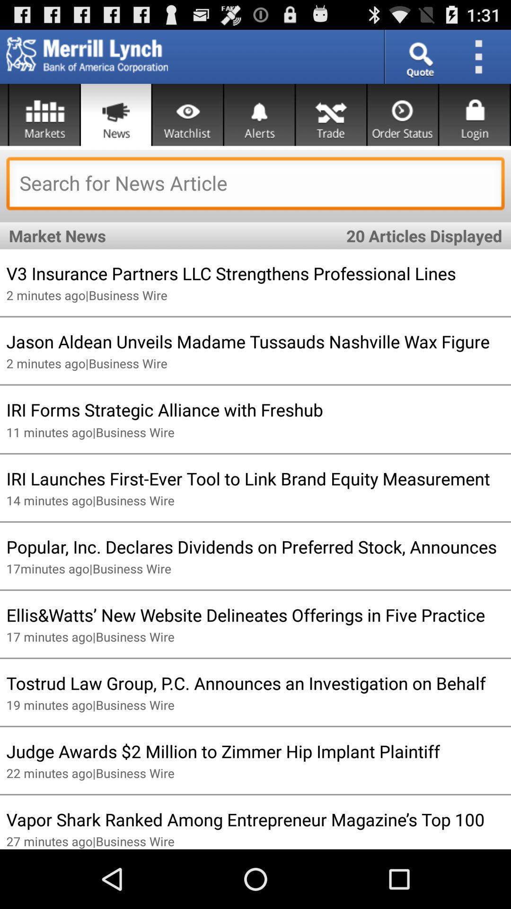 Image resolution: width=511 pixels, height=909 pixels. What do you see at coordinates (474, 122) in the screenshot?
I see `the lock icon` at bounding box center [474, 122].